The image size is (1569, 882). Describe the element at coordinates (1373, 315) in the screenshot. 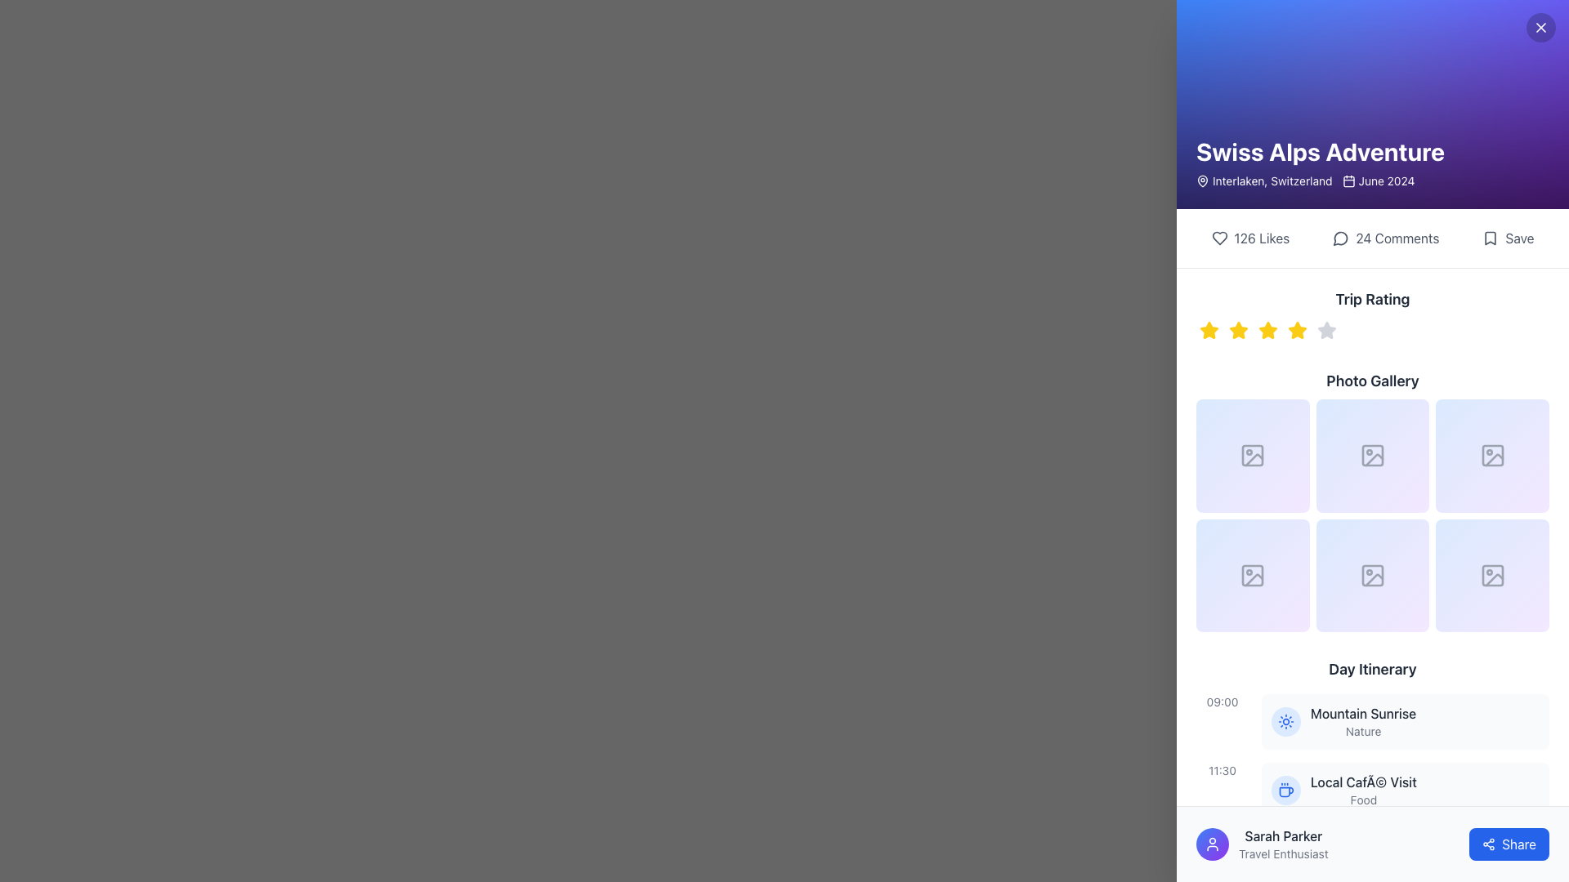

I see `rating value from the 'Trip Rating' widget, which consists of a series of star-shaped icons indicating the rating system` at that location.